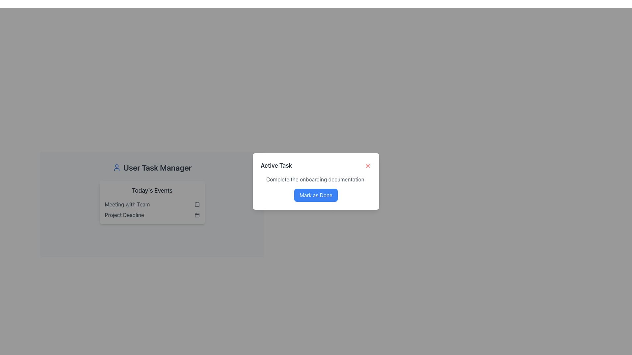 This screenshot has height=355, width=632. Describe the element at coordinates (127, 204) in the screenshot. I see `the text label displaying 'Meeting with Team' in gray font, located in the 'Today's Events' section of the 'User Task Manager' panel` at that location.